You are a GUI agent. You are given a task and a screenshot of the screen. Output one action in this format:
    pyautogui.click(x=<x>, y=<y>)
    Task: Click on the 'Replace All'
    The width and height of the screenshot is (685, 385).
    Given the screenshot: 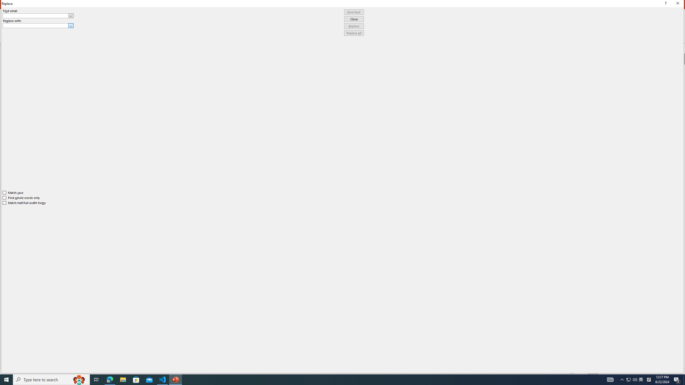 What is the action you would take?
    pyautogui.click(x=354, y=33)
    